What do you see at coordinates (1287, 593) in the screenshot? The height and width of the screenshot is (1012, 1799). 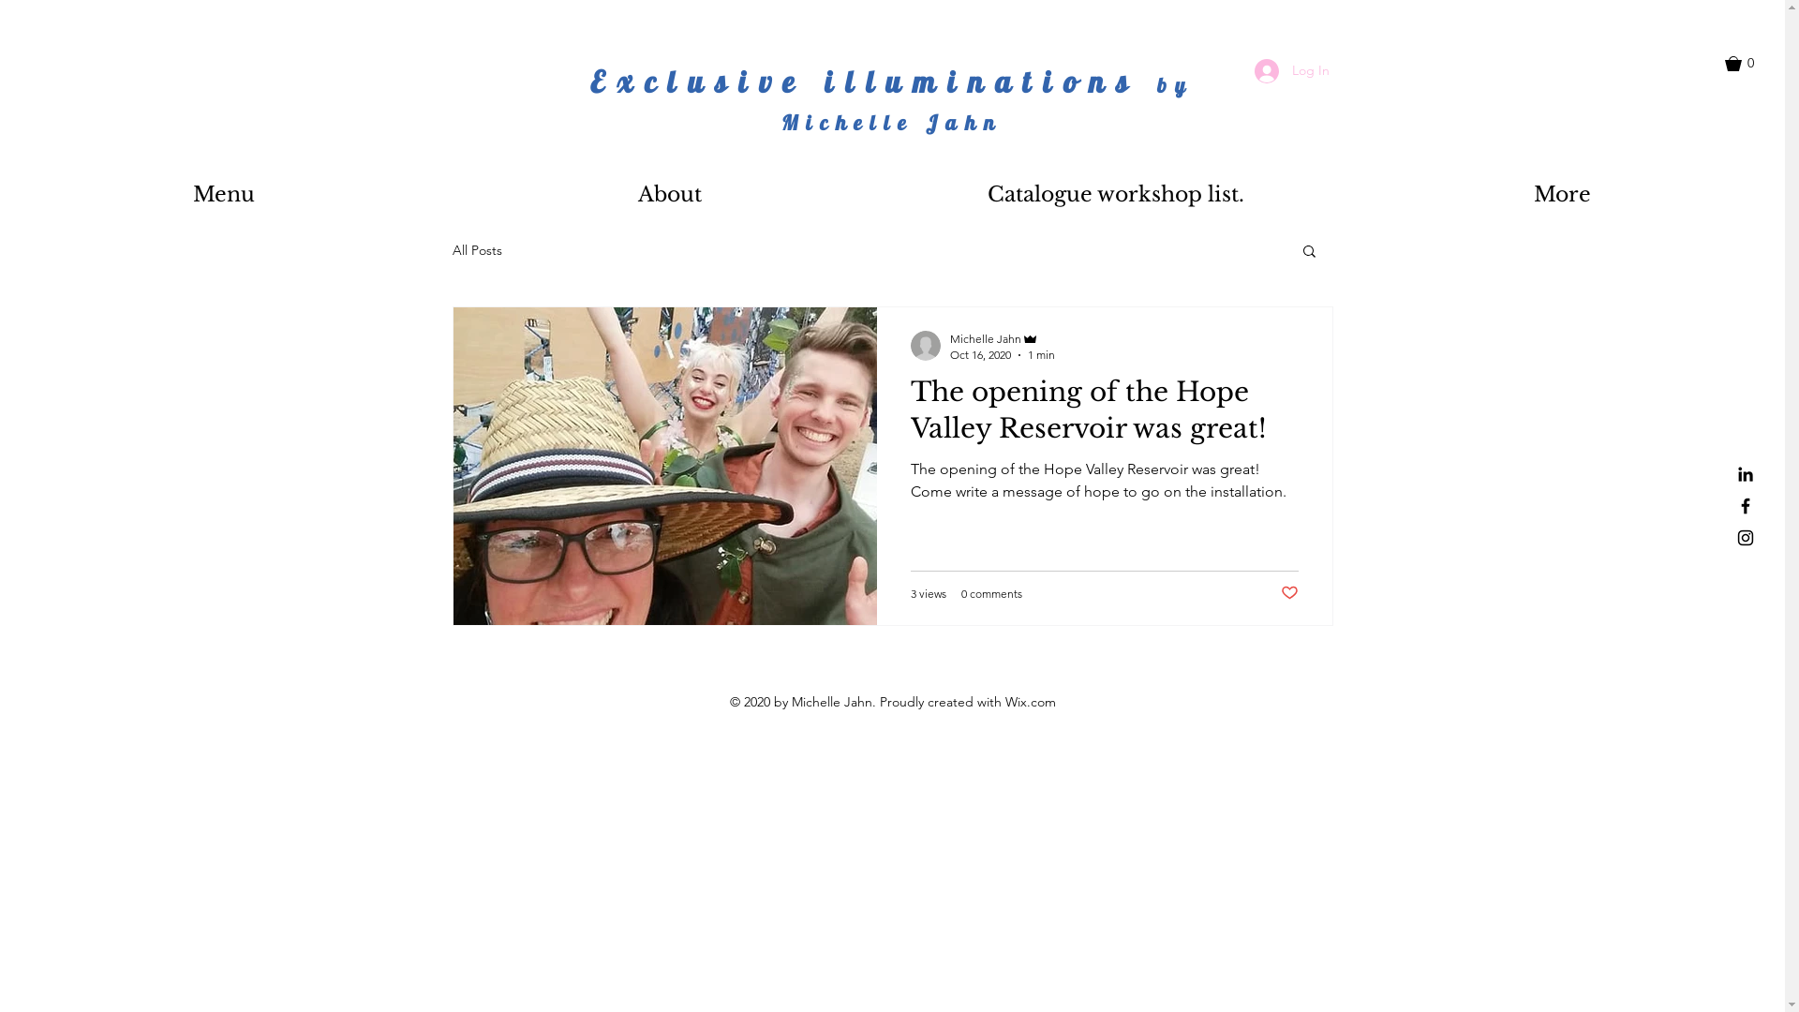 I see `'Post not marked as liked'` at bounding box center [1287, 593].